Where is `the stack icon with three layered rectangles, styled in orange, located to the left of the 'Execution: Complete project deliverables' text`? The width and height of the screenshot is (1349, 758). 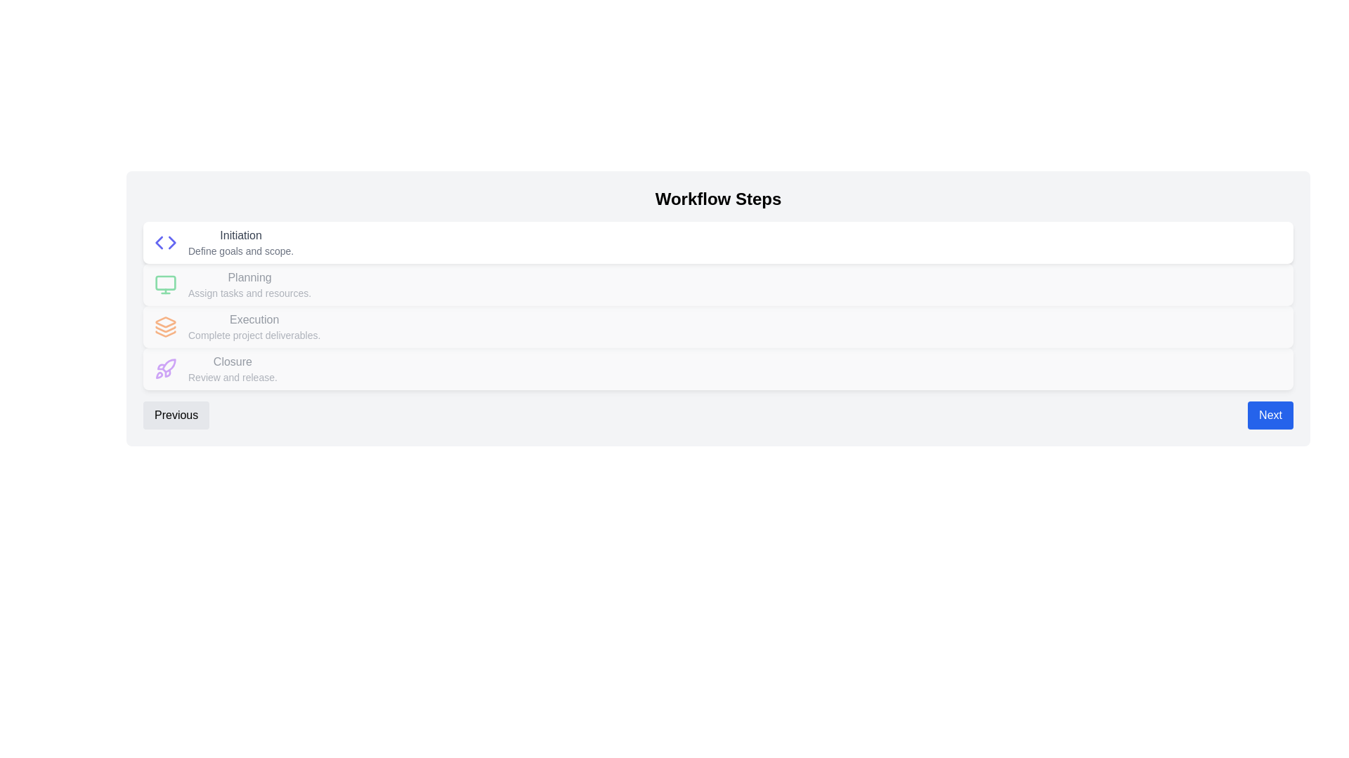
the stack icon with three layered rectangles, styled in orange, located to the left of the 'Execution: Complete project deliverables' text is located at coordinates (165, 327).